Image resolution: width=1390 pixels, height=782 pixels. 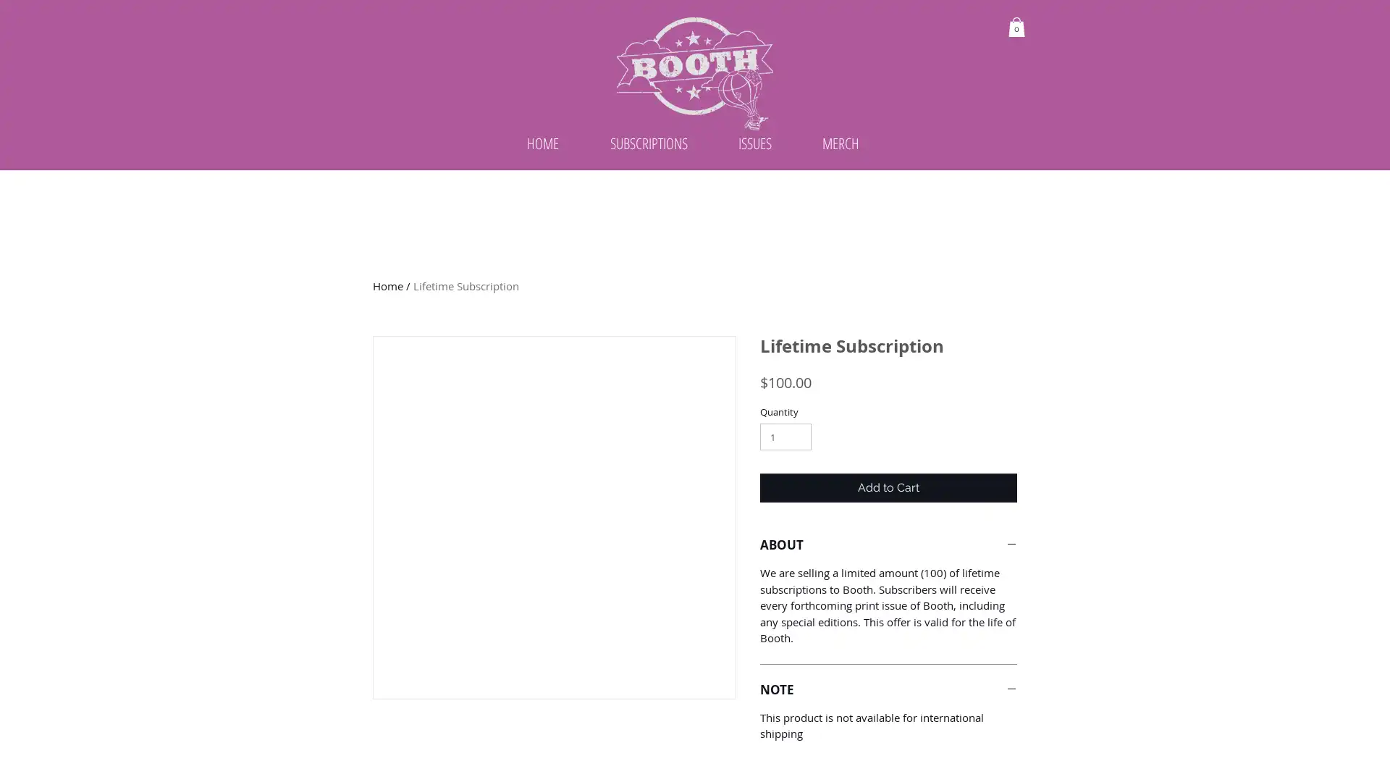 I want to click on NOTE, so click(x=888, y=726).